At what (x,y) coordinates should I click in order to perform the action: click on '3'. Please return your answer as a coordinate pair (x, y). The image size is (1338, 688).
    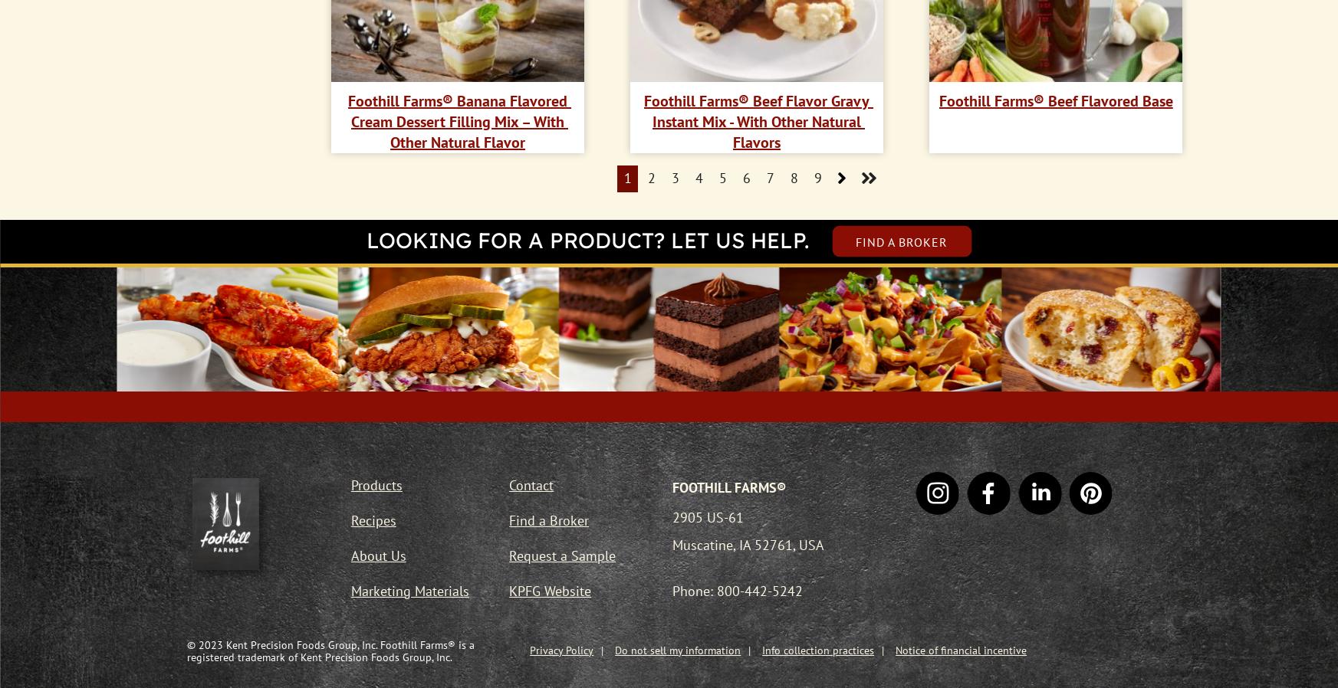
    Looking at the image, I should click on (670, 178).